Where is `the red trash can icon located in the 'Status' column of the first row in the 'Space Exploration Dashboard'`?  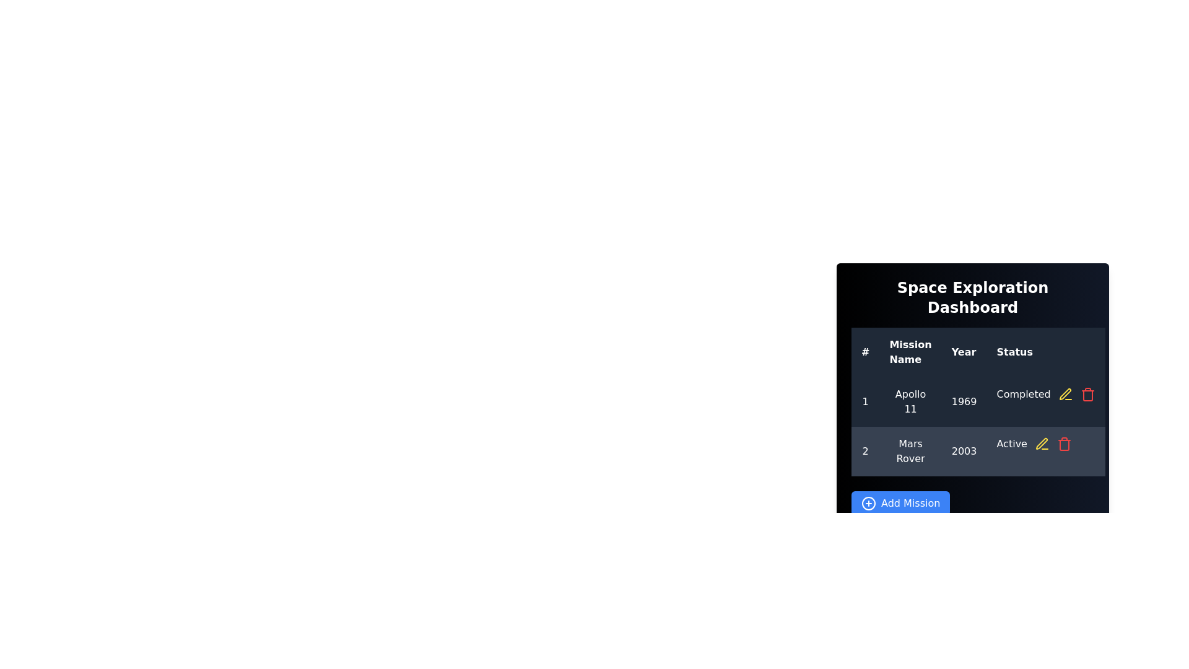 the red trash can icon located in the 'Status' column of the first row in the 'Space Exploration Dashboard' is located at coordinates (1087, 394).